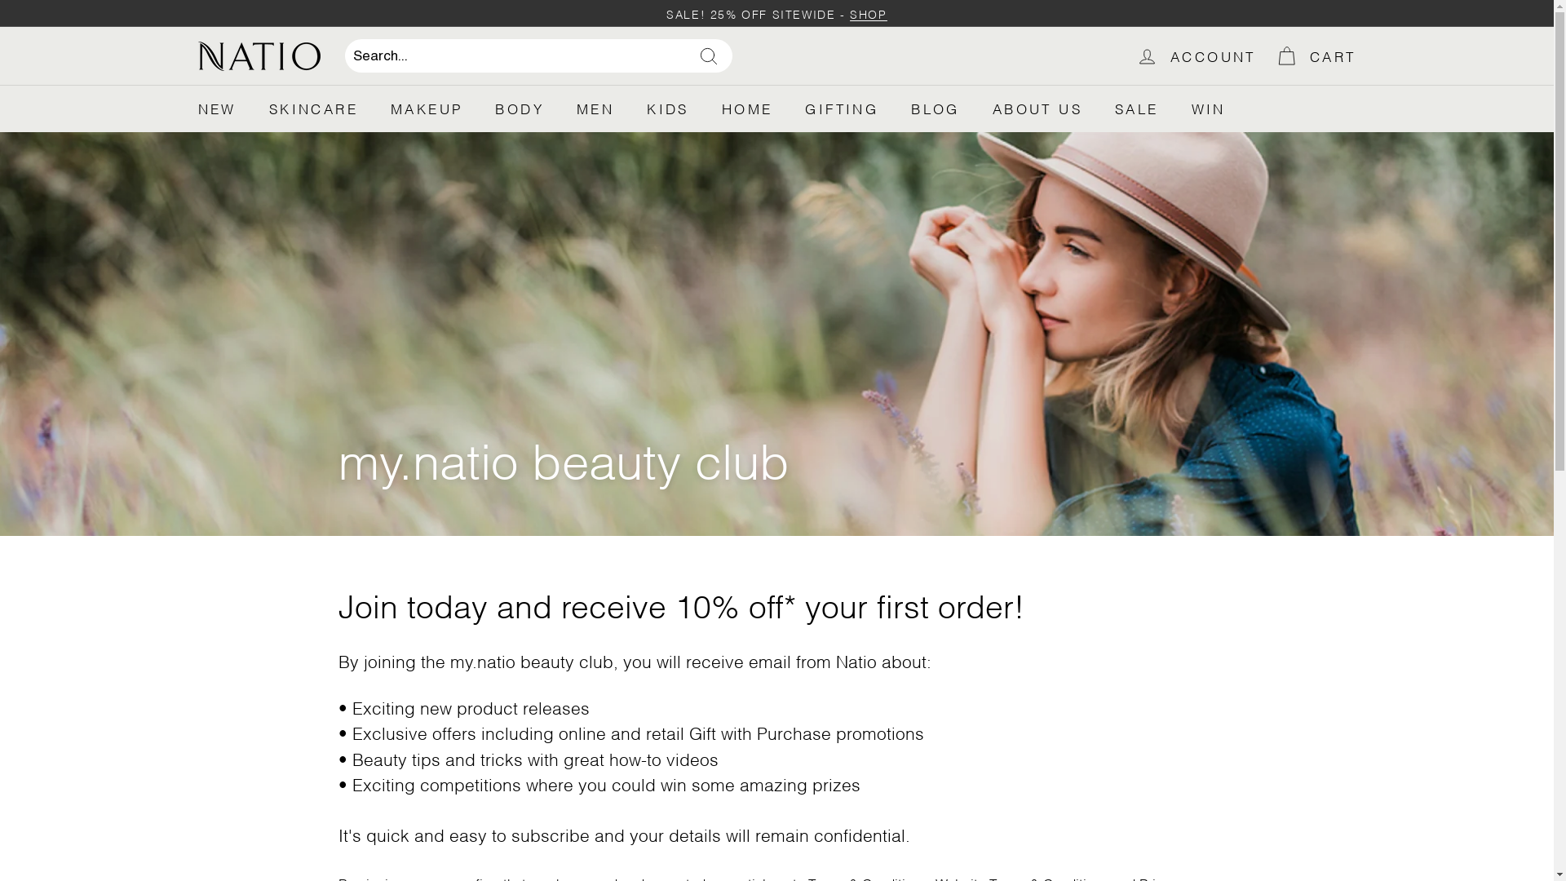  Describe the element at coordinates (668, 108) in the screenshot. I see `'KIDS'` at that location.